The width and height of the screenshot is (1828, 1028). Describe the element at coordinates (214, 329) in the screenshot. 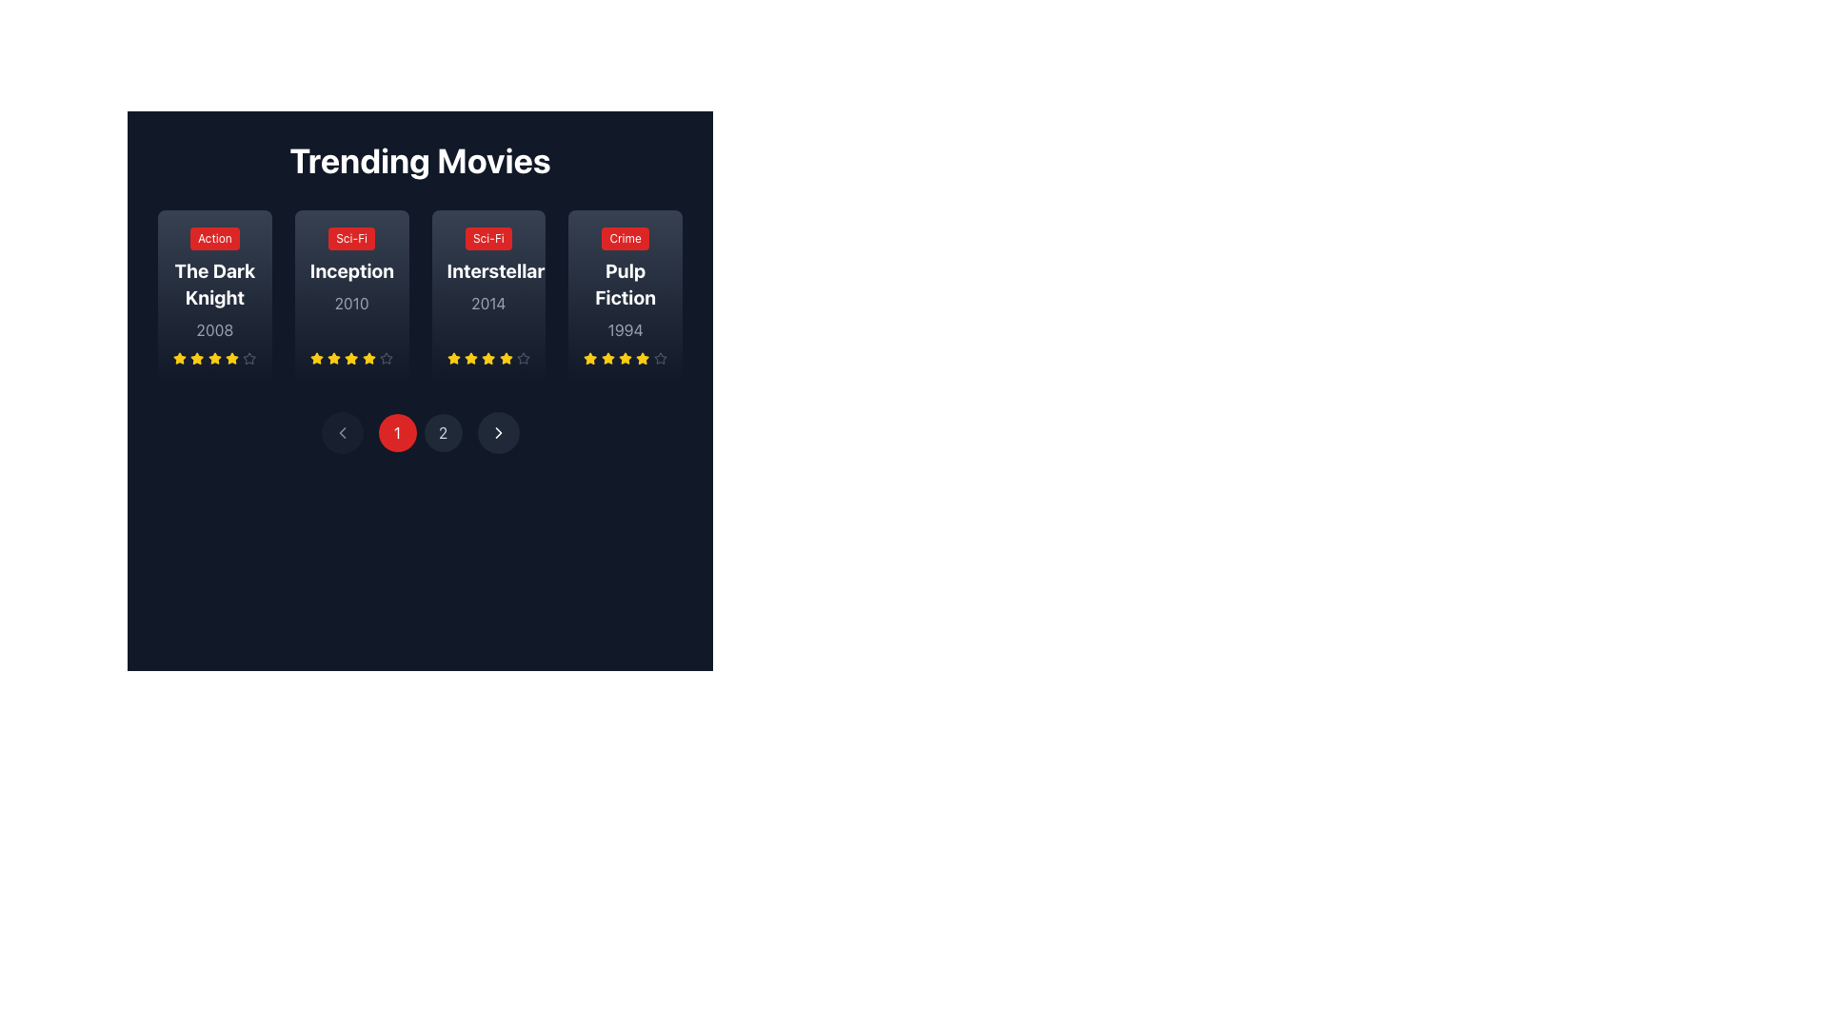

I see `the text label indicating the release year of the movie 'The Dark Knight', which is positioned below the title and above the star rating system in the first movie card` at that location.